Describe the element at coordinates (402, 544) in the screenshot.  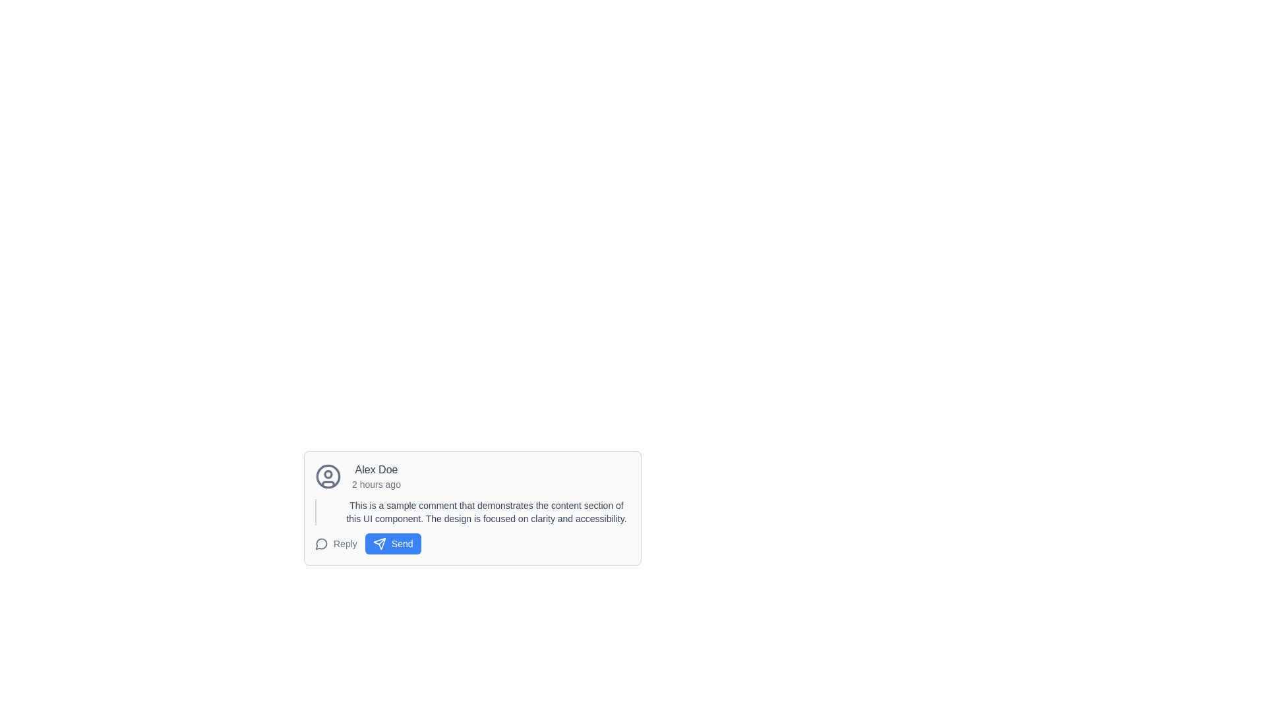
I see `the text label located to the right of the paper airplane icon inside the button at the bottom of the comment box, which indicates the button's action to send a message` at that location.